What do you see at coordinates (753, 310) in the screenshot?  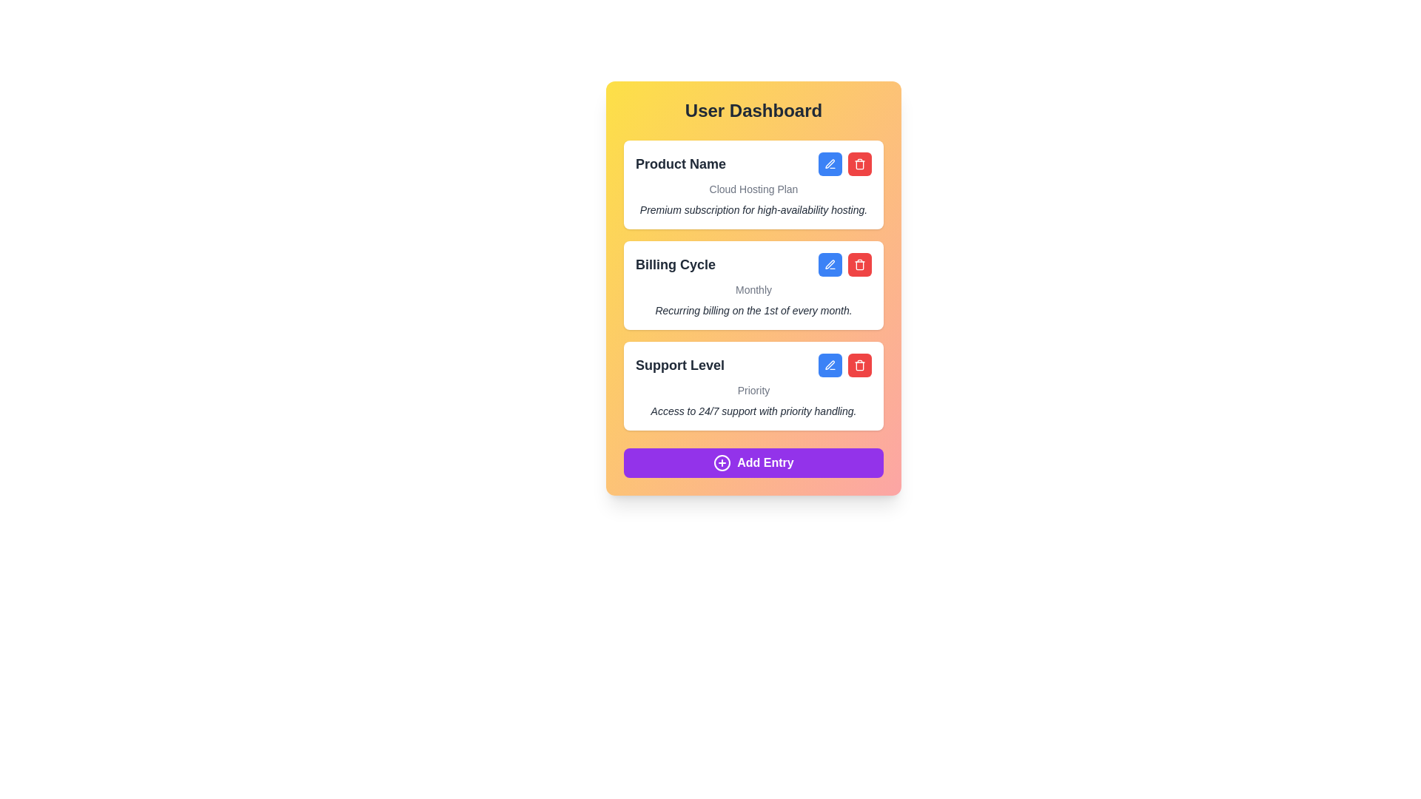 I see `the static text label that states 'Recurring billing on the 1st of every month', which is located under the 'Monthly' label in the 'Billing Cycle' section` at bounding box center [753, 310].